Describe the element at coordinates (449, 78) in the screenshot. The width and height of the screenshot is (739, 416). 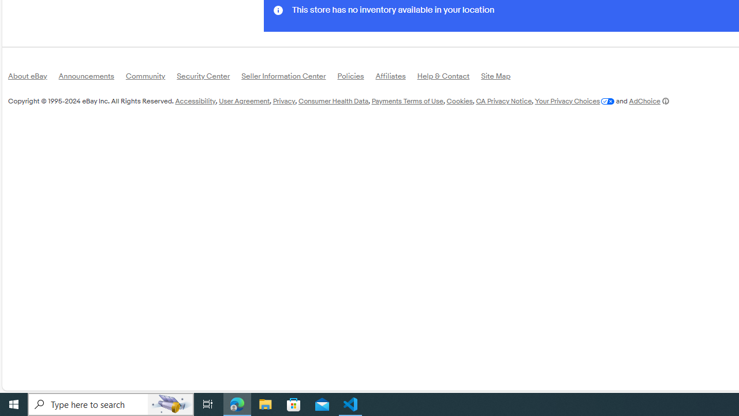
I see `'Help & Contact'` at that location.